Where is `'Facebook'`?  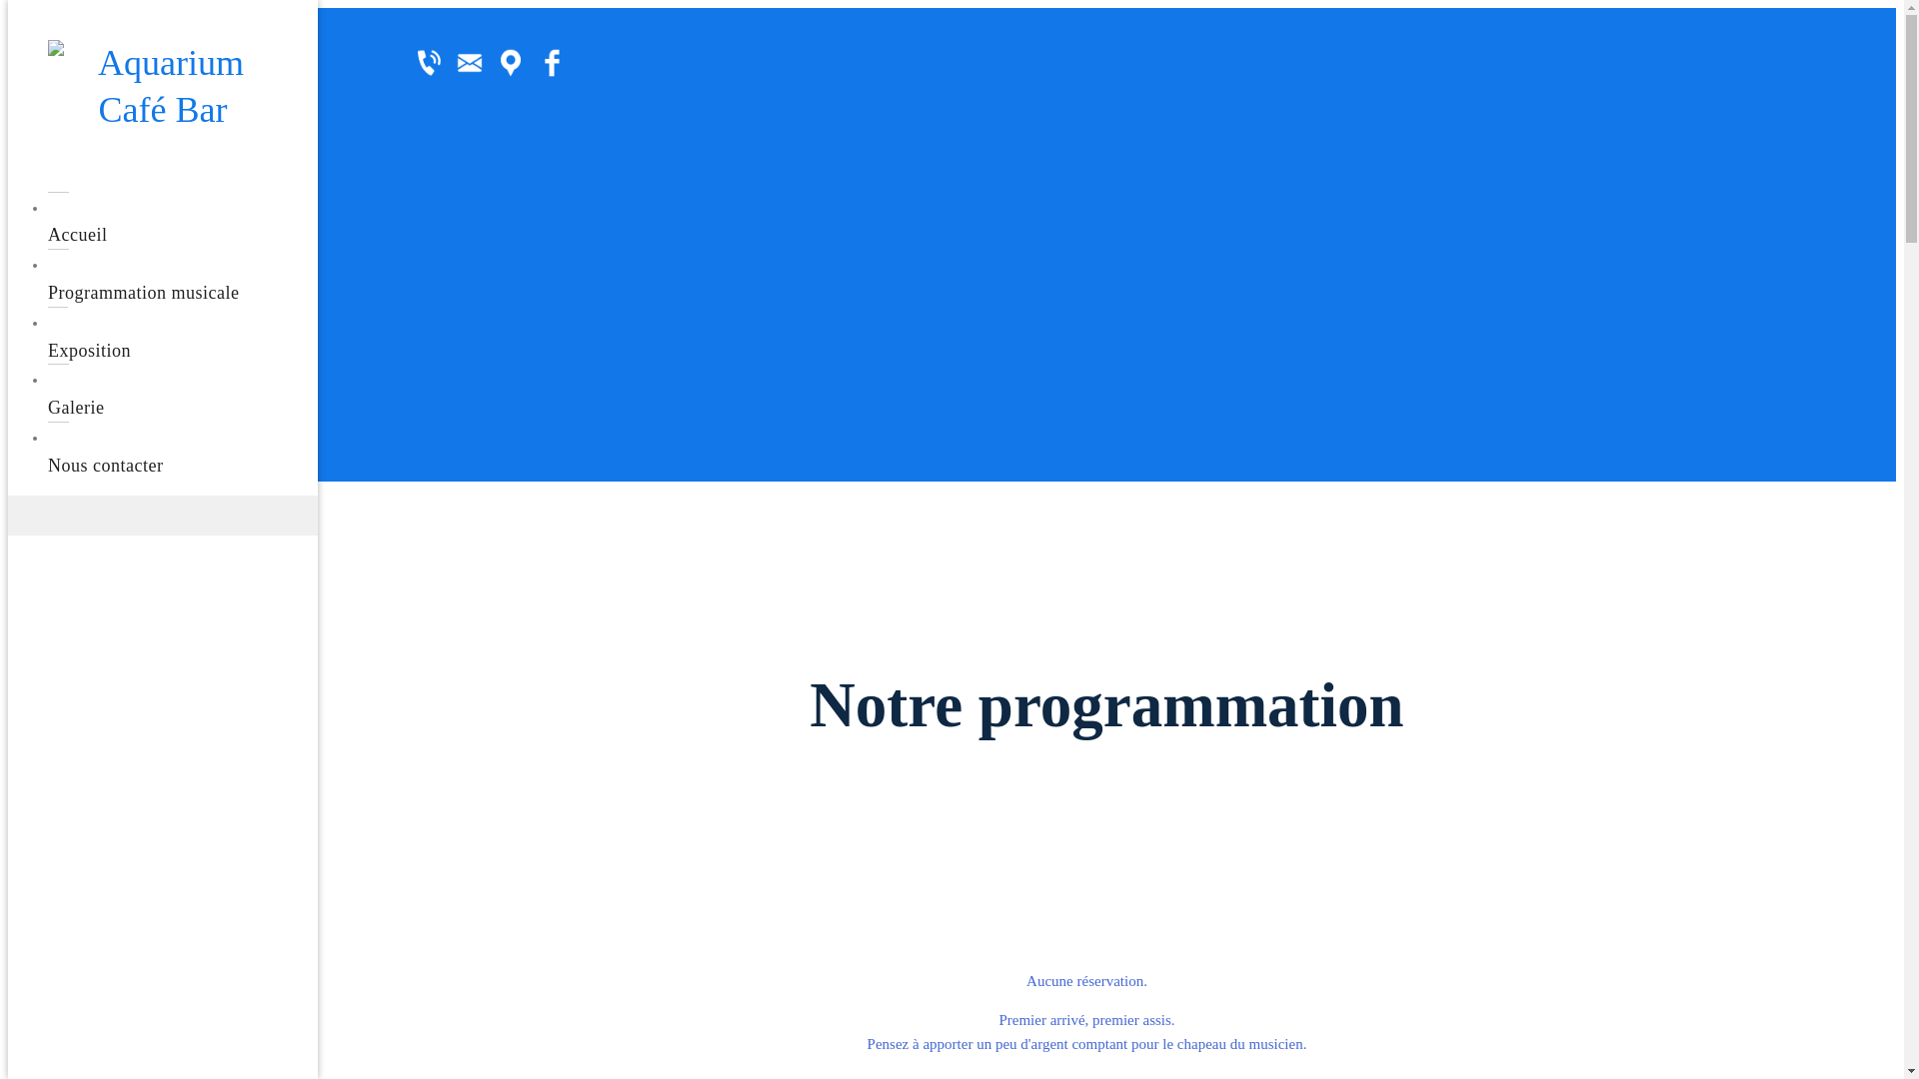 'Facebook' is located at coordinates (551, 61).